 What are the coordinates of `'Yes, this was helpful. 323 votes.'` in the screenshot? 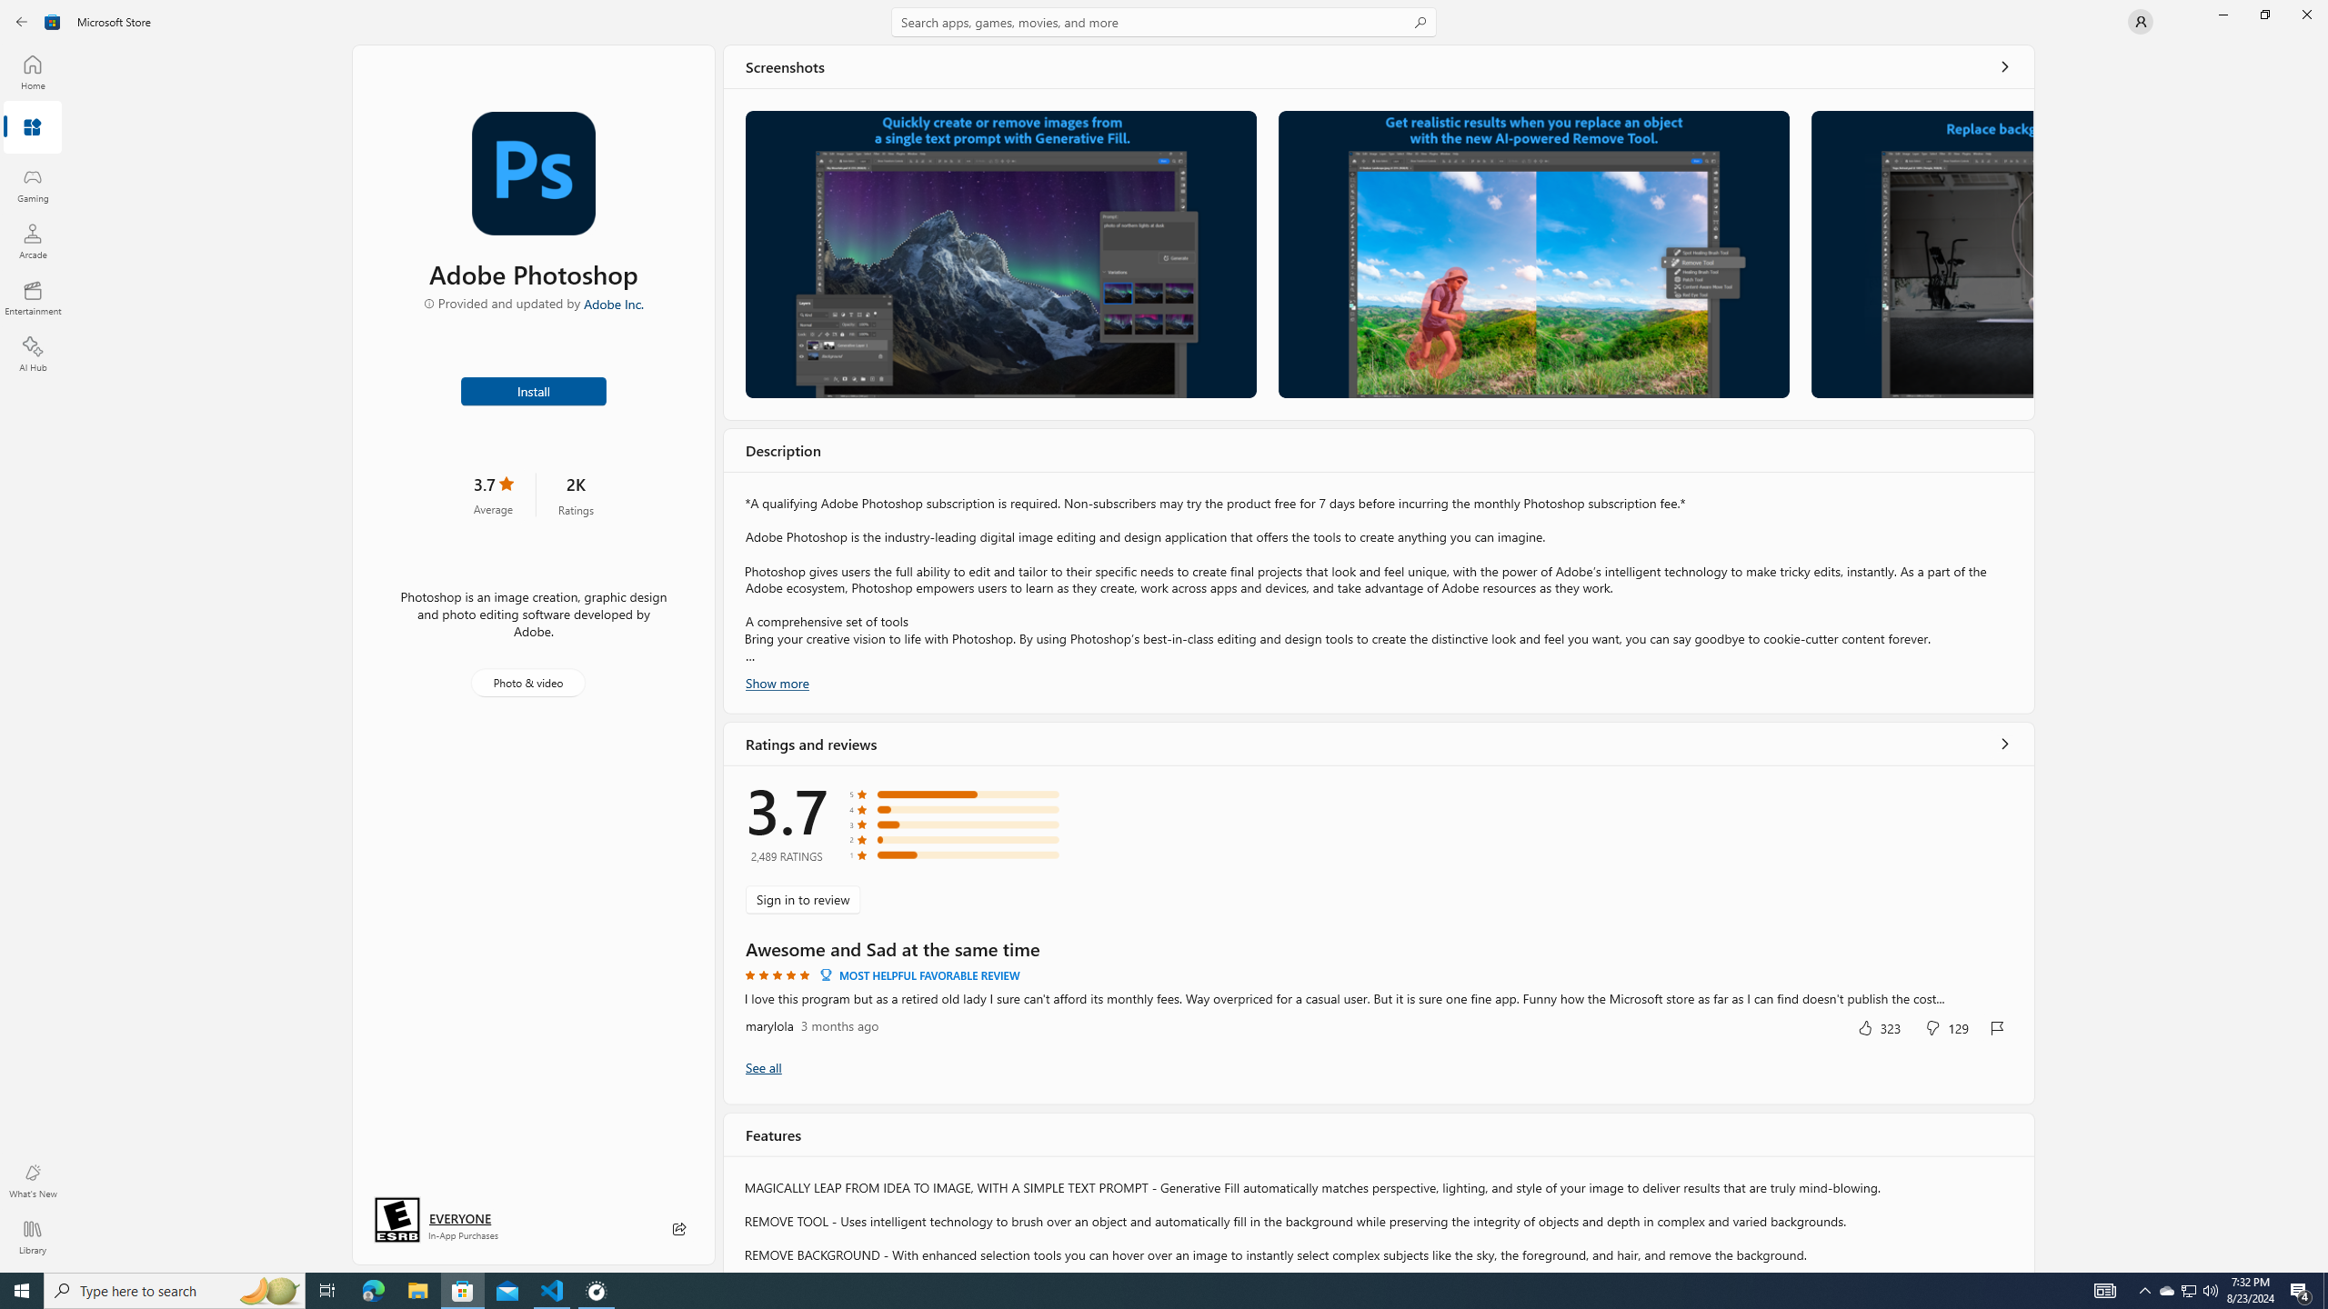 It's located at (1877, 1026).